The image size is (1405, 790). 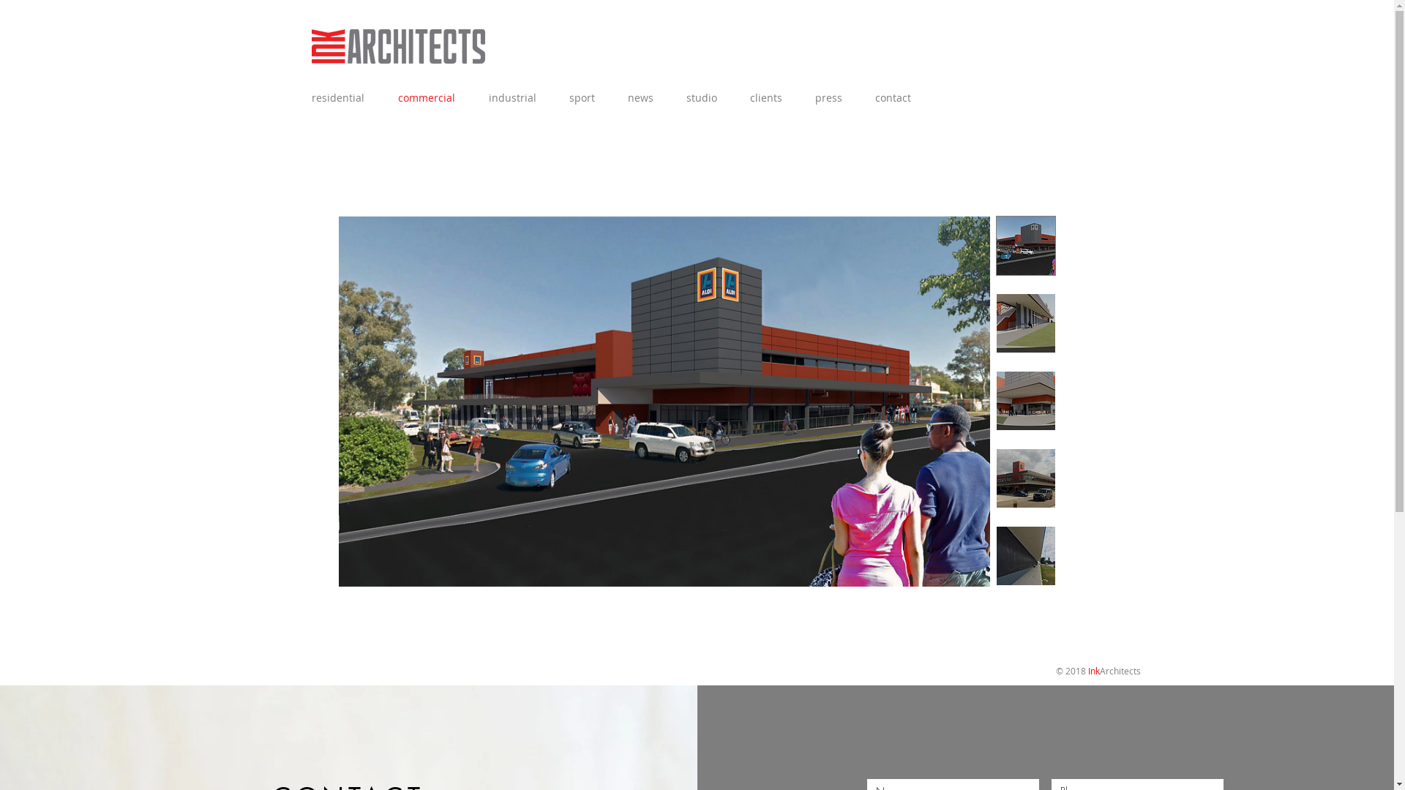 I want to click on 'press', so click(x=833, y=97).